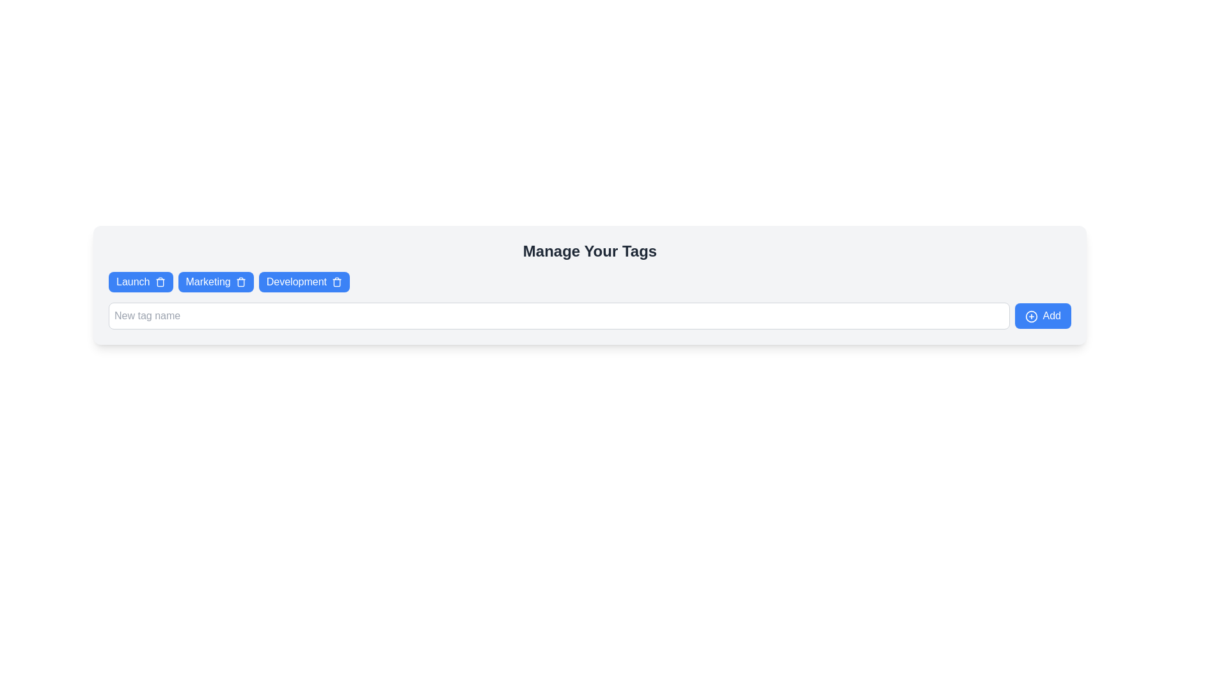 The height and width of the screenshot is (691, 1228). I want to click on the trash can icon button located to the right of the 'Development' text in the tag group, so click(337, 281).